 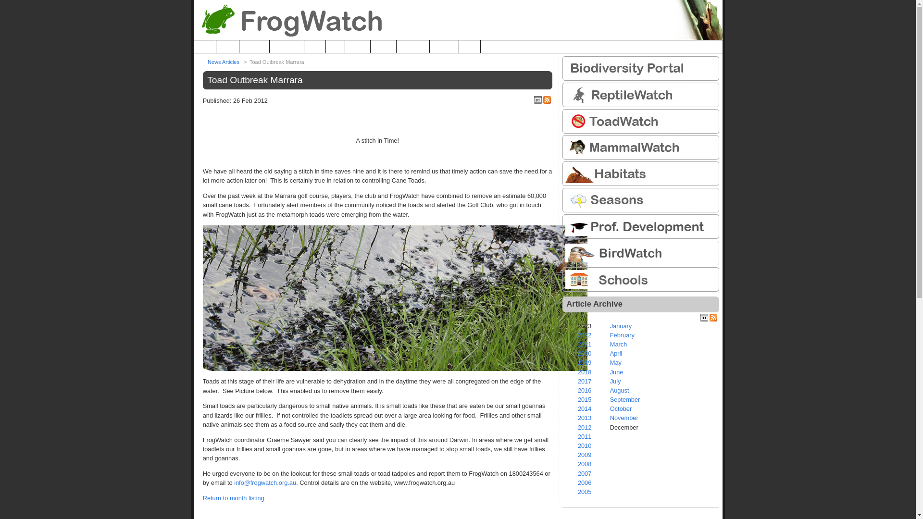 What do you see at coordinates (609, 353) in the screenshot?
I see `'April'` at bounding box center [609, 353].